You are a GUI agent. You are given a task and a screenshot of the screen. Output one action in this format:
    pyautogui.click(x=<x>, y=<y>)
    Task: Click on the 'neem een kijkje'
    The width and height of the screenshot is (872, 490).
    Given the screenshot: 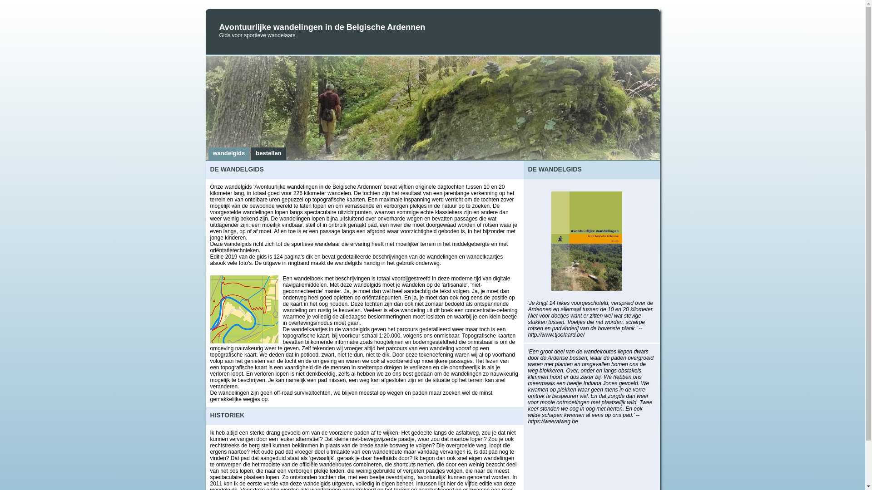 What is the action you would take?
    pyautogui.click(x=574, y=237)
    